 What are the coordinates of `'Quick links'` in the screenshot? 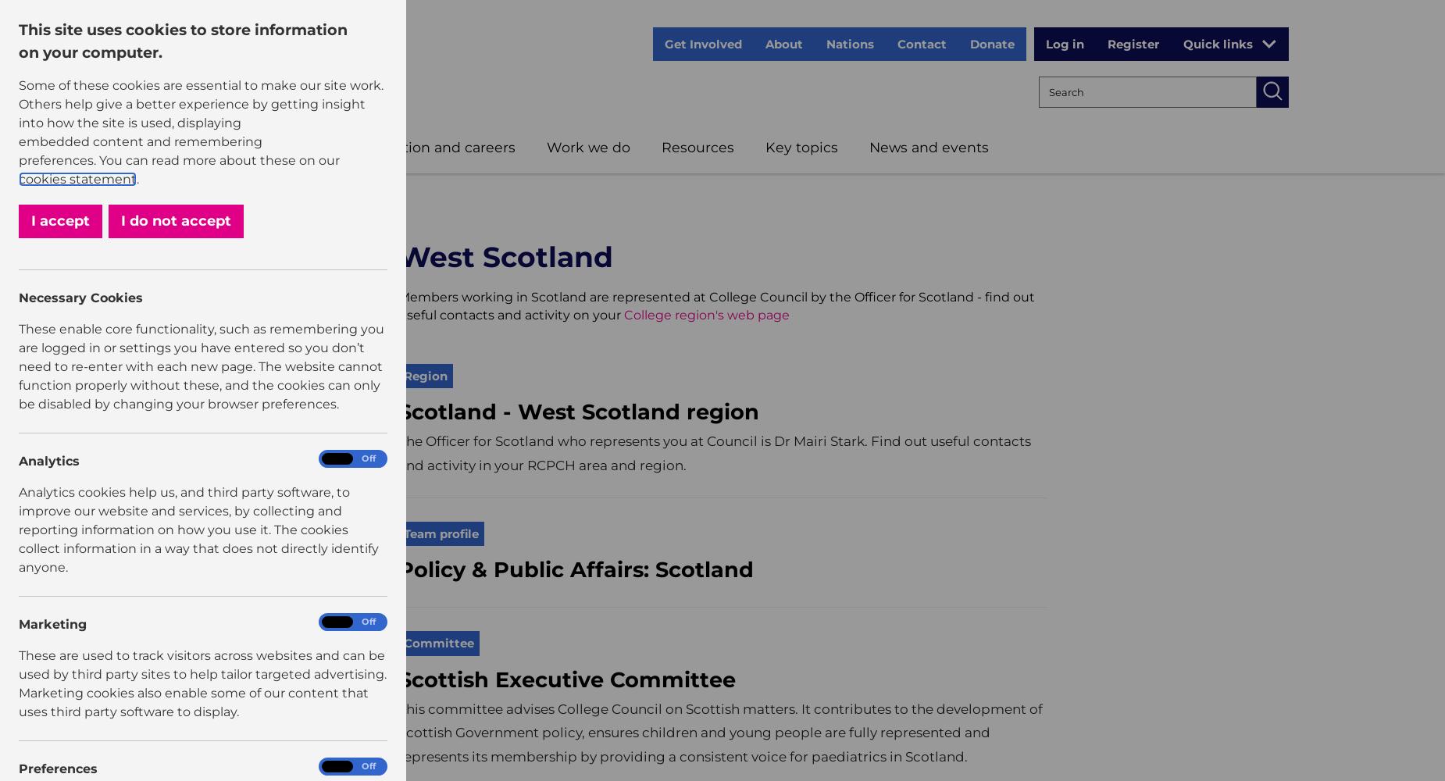 It's located at (1183, 43).